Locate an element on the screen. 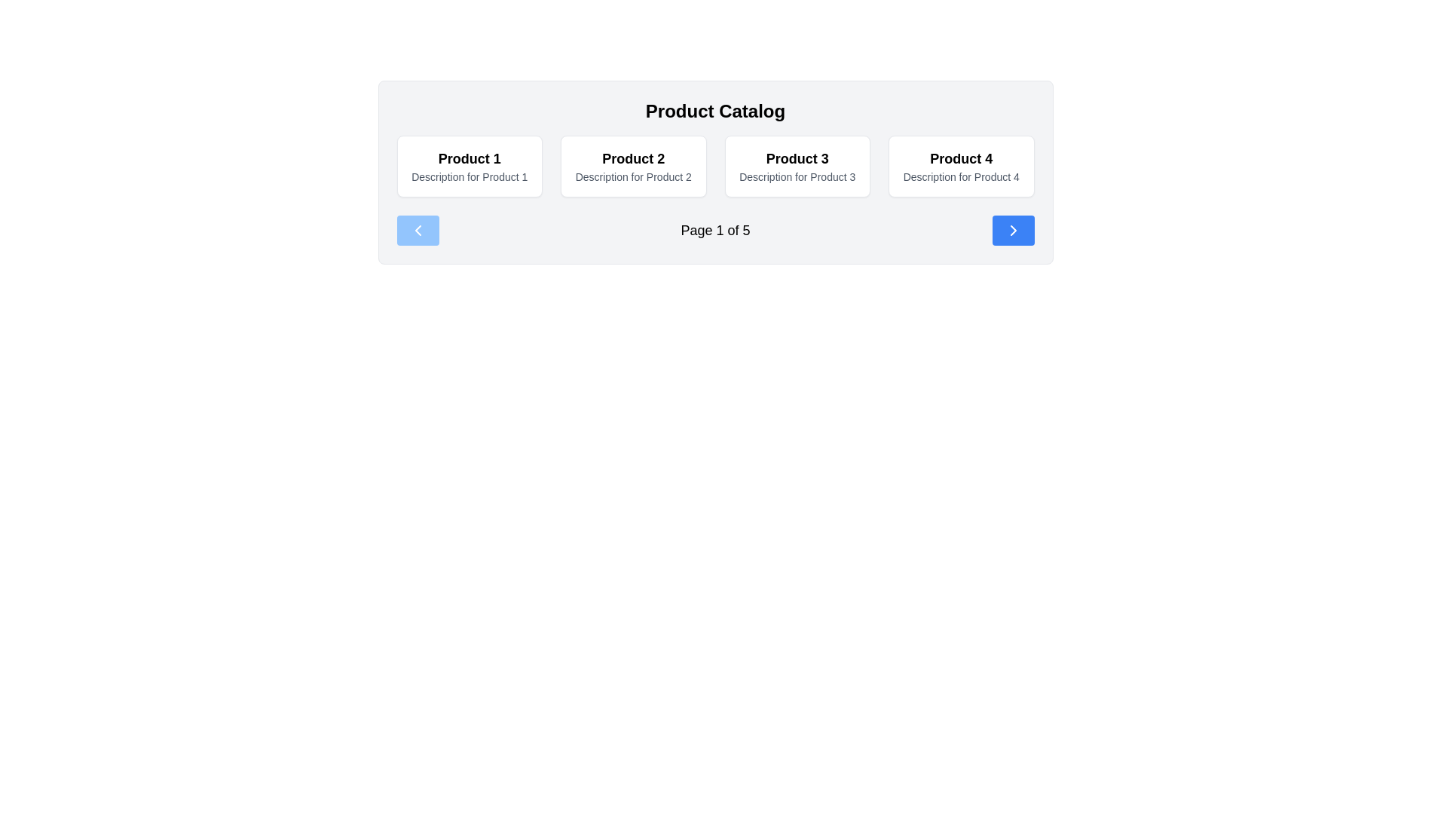  text label identifying the product as 'Product 3', which is centered in the third product card from the left is located at coordinates (797, 159).